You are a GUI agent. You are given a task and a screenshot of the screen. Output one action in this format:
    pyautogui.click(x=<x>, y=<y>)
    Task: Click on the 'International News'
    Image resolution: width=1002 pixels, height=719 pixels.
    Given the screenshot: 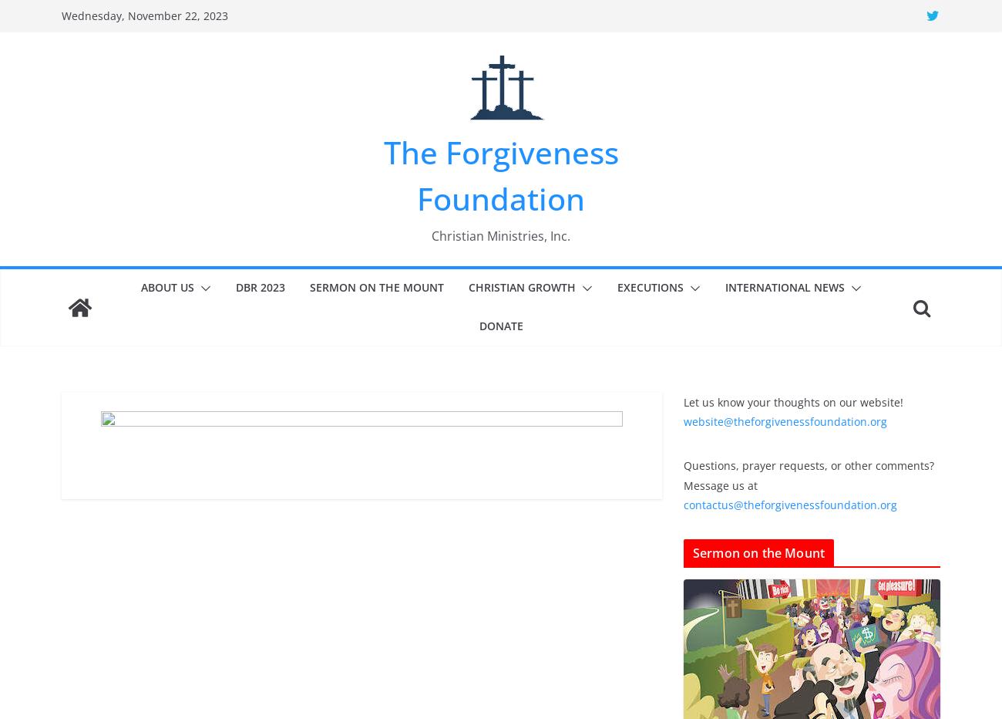 What is the action you would take?
    pyautogui.click(x=725, y=285)
    